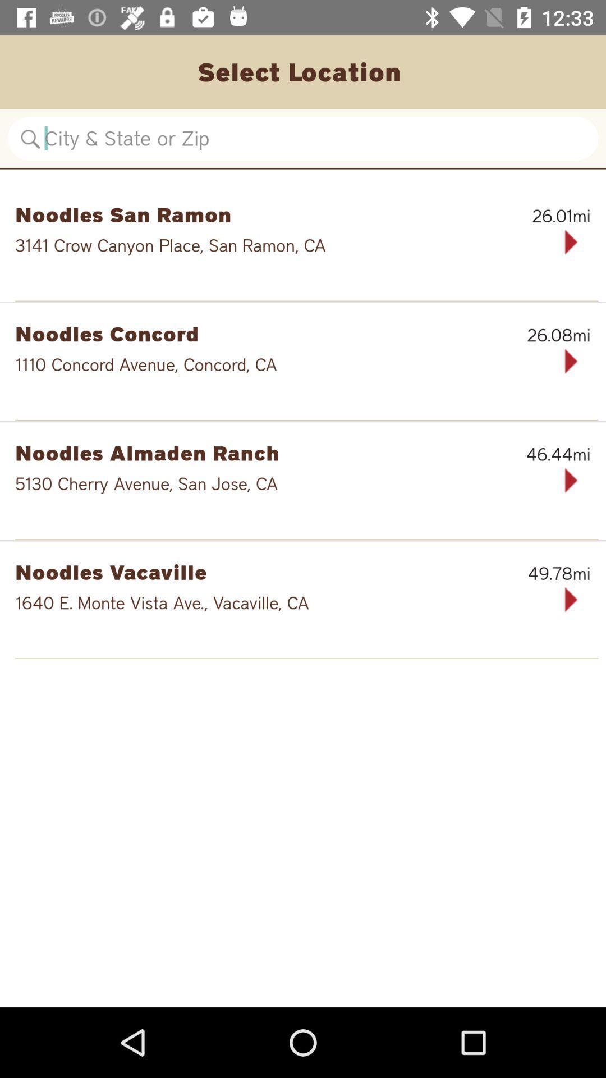 Image resolution: width=606 pixels, height=1078 pixels. Describe the element at coordinates (532, 573) in the screenshot. I see `the 49.78mi` at that location.